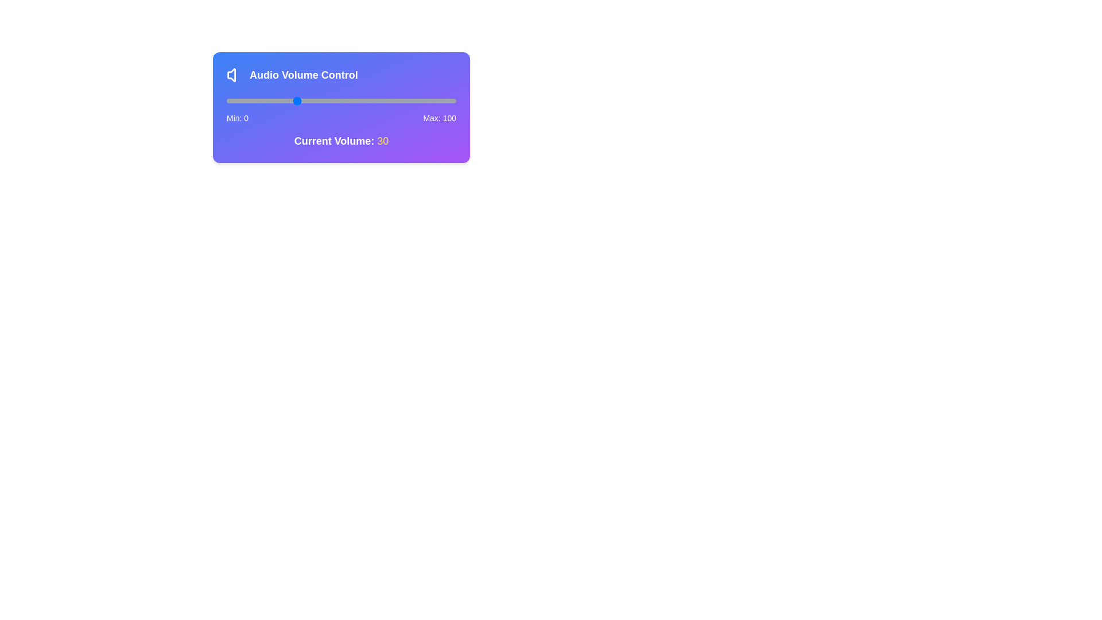 The image size is (1102, 620). What do you see at coordinates (414, 100) in the screenshot?
I see `the slider to set the volume to 82` at bounding box center [414, 100].